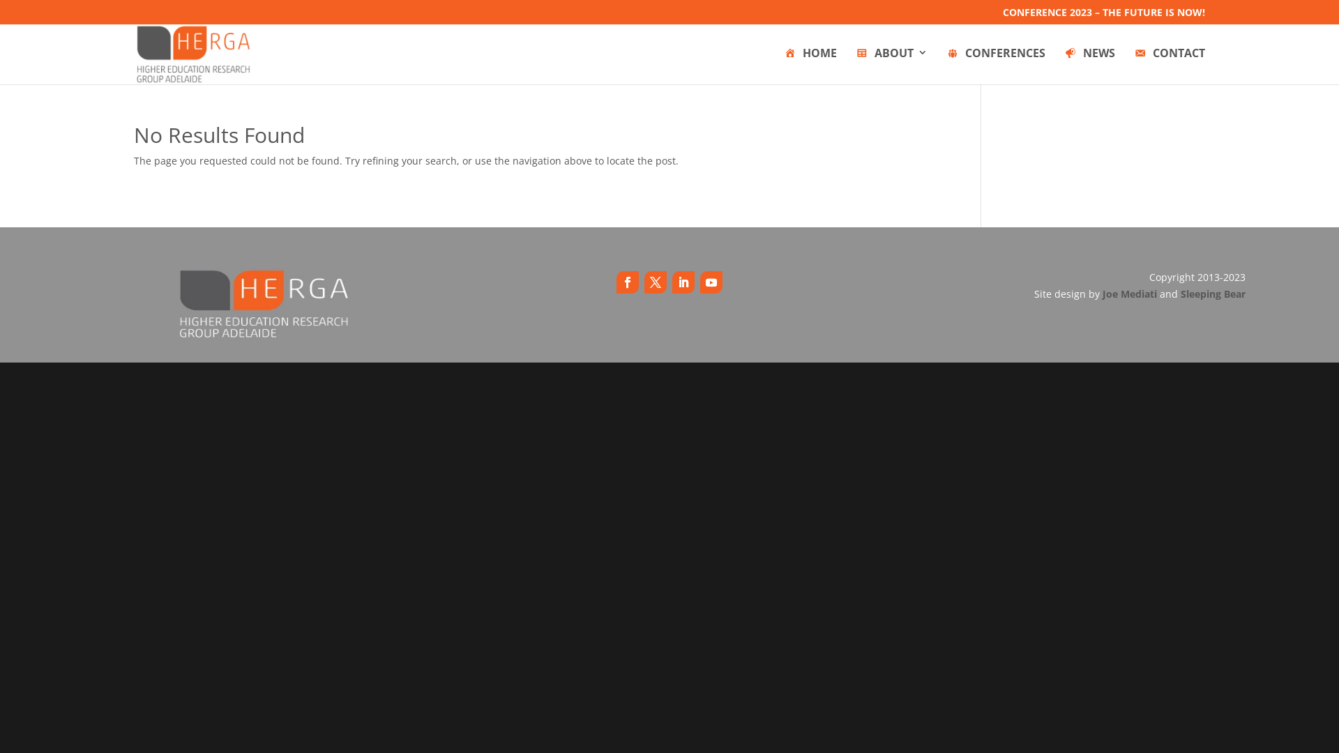 The height and width of the screenshot is (753, 1339). I want to click on 'CONTACT', so click(1133, 66).